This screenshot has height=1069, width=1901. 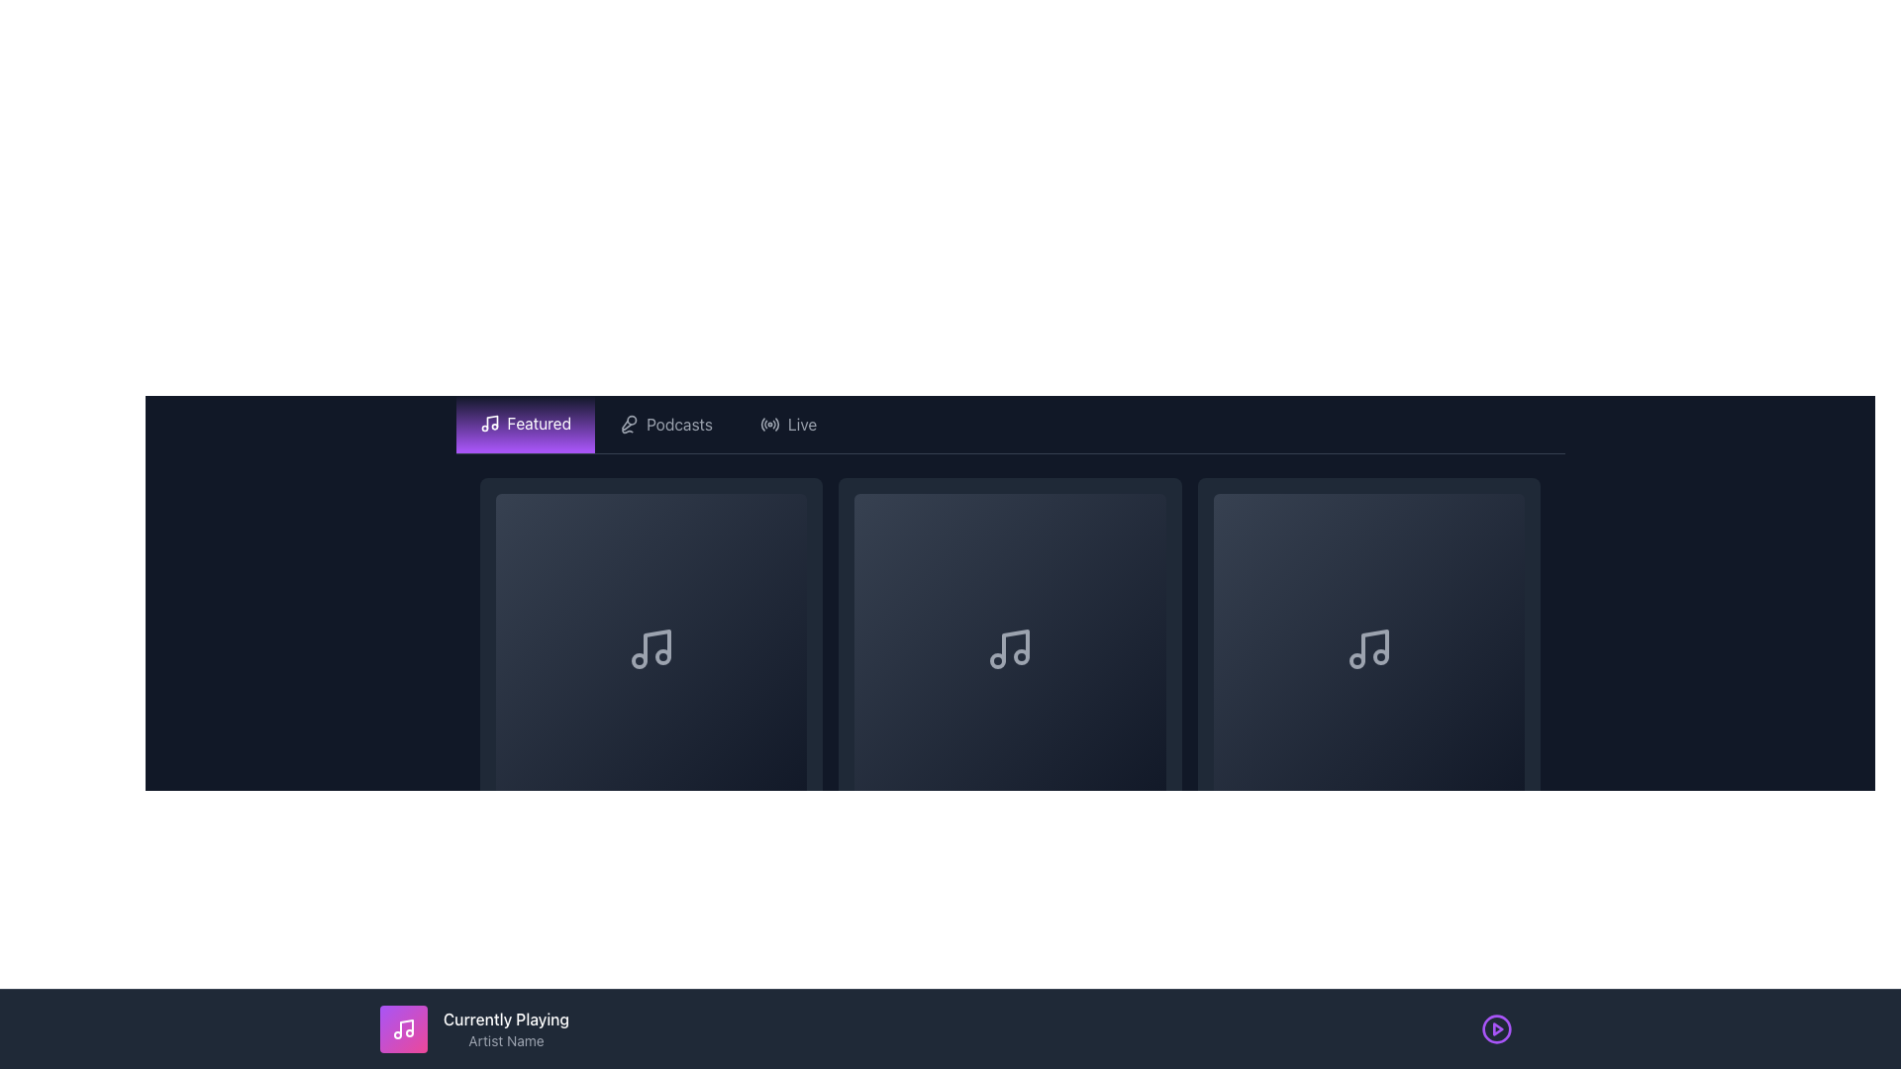 I want to click on the circular button with a purple outline and a play icon located at the rightmost side of the bottom bar, so click(x=1497, y=1028).